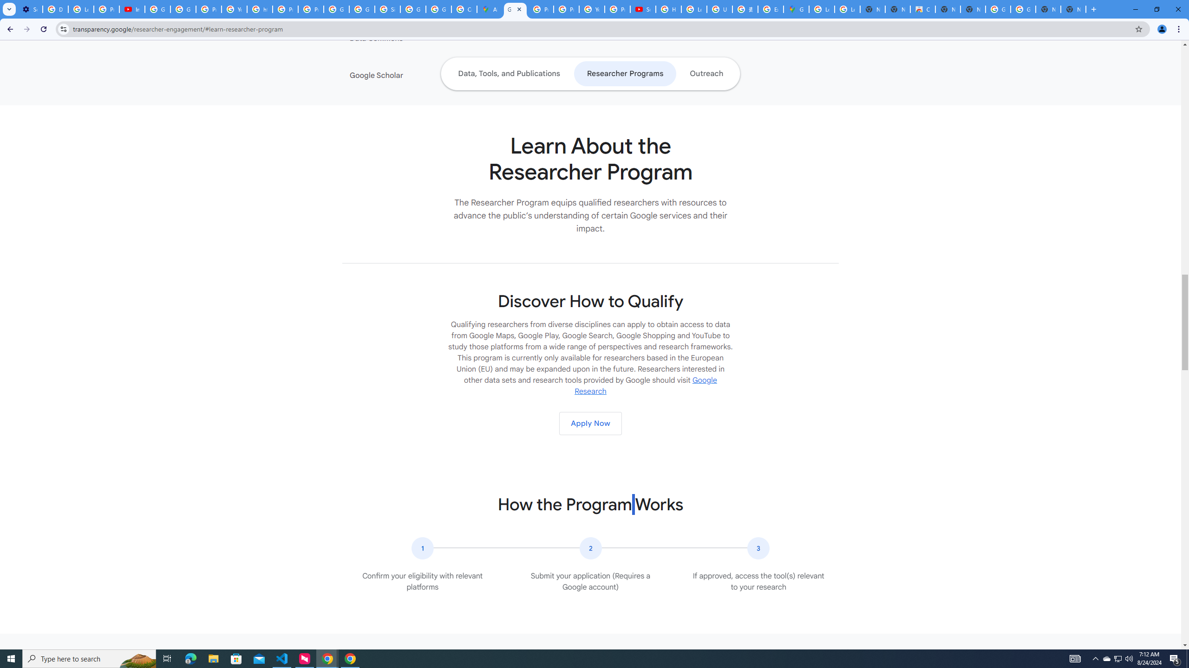 The height and width of the screenshot is (668, 1189). Describe the element at coordinates (590, 548) in the screenshot. I see `'The number two in a circular icon.'` at that location.